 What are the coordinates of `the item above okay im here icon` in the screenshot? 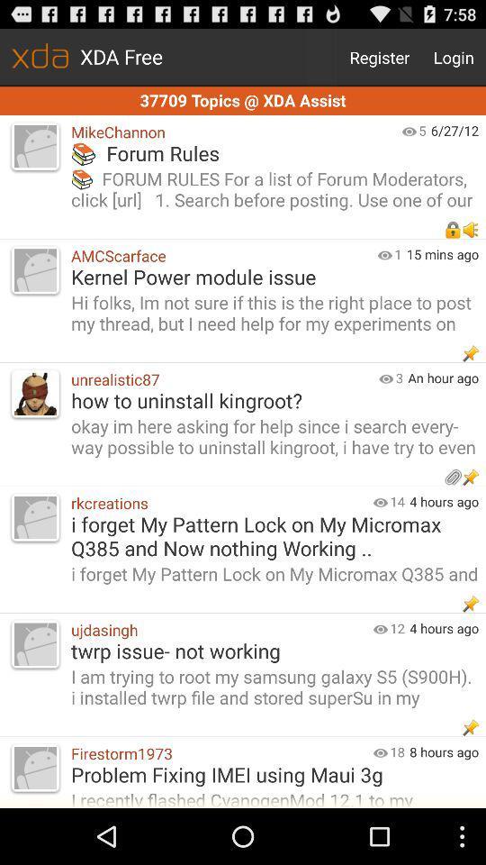 It's located at (220, 379).